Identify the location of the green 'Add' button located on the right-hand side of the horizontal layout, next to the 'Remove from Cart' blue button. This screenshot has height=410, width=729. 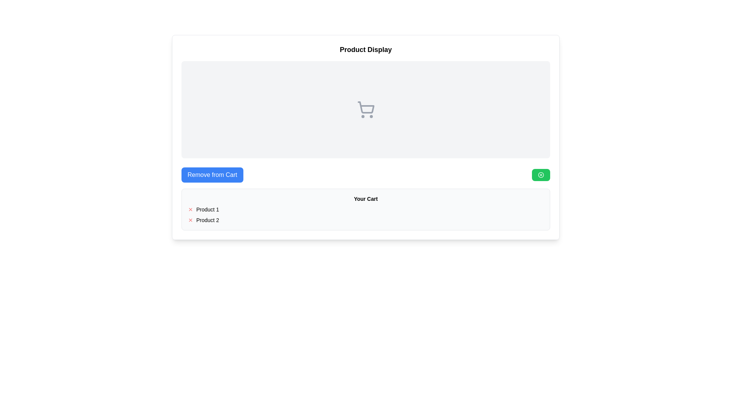
(541, 175).